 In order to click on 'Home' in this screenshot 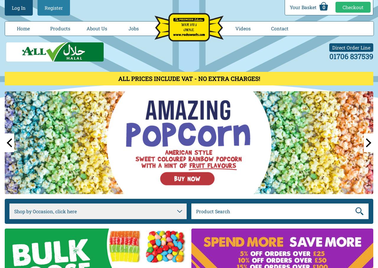, I will do `click(23, 28)`.